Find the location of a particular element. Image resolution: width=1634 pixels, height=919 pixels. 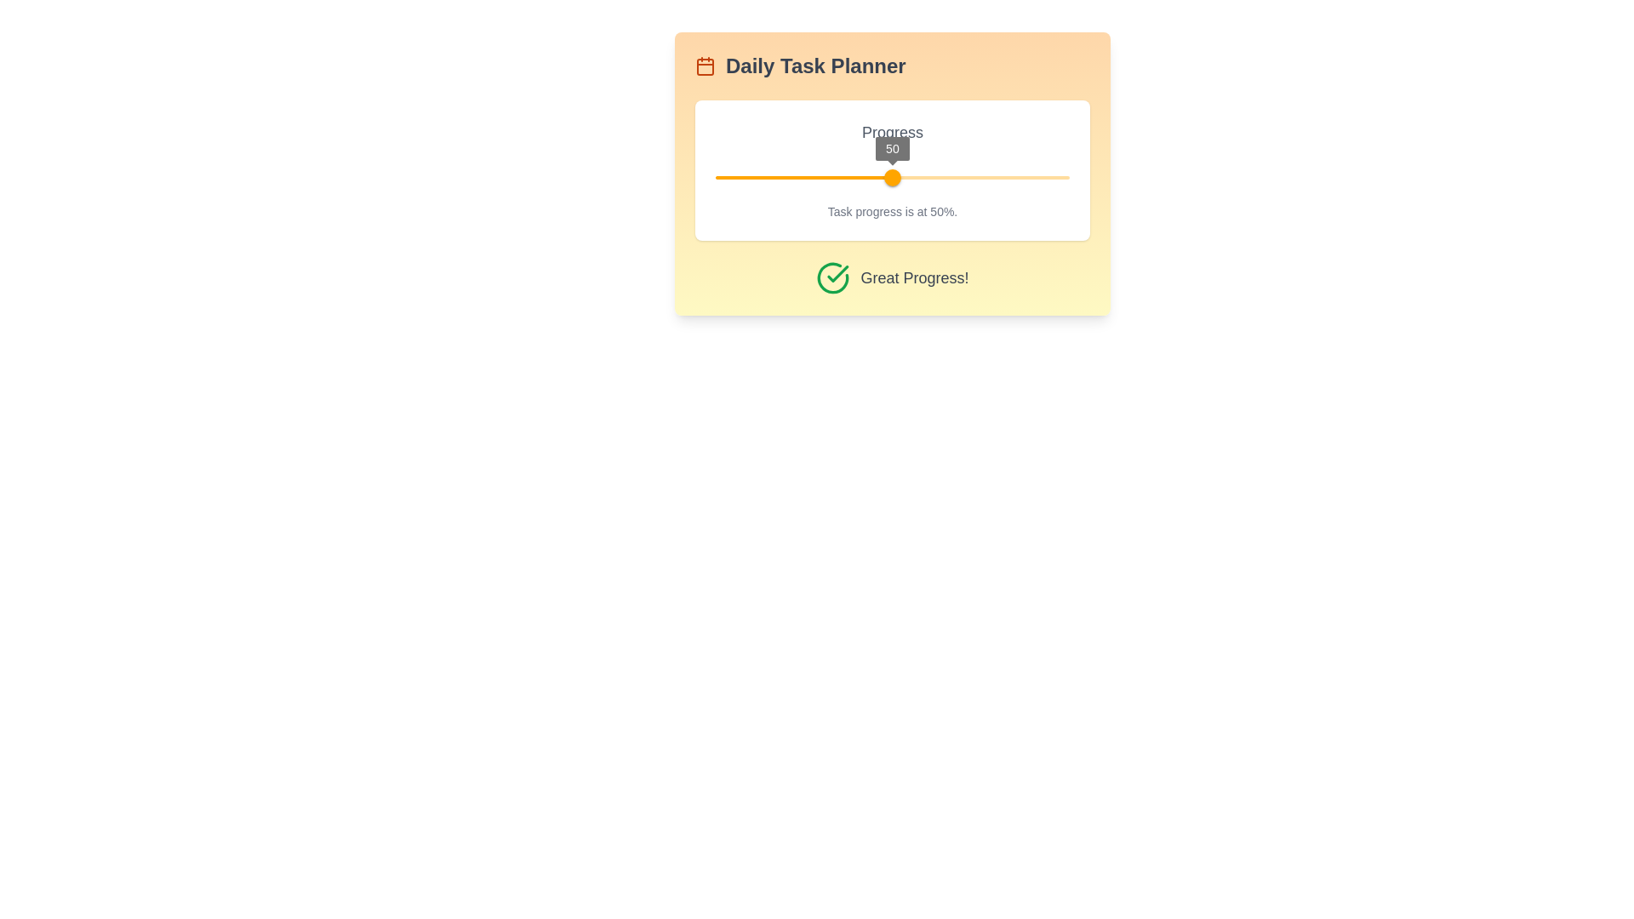

the slider's value is located at coordinates (1020, 177).